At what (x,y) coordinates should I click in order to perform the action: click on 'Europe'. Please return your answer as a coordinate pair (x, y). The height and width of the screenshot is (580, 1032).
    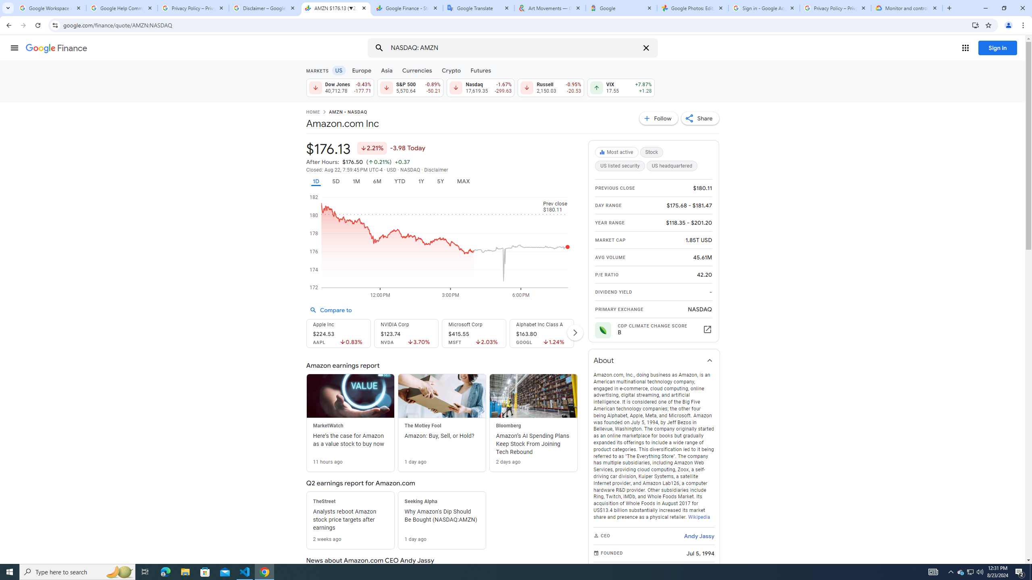
    Looking at the image, I should click on (361, 70).